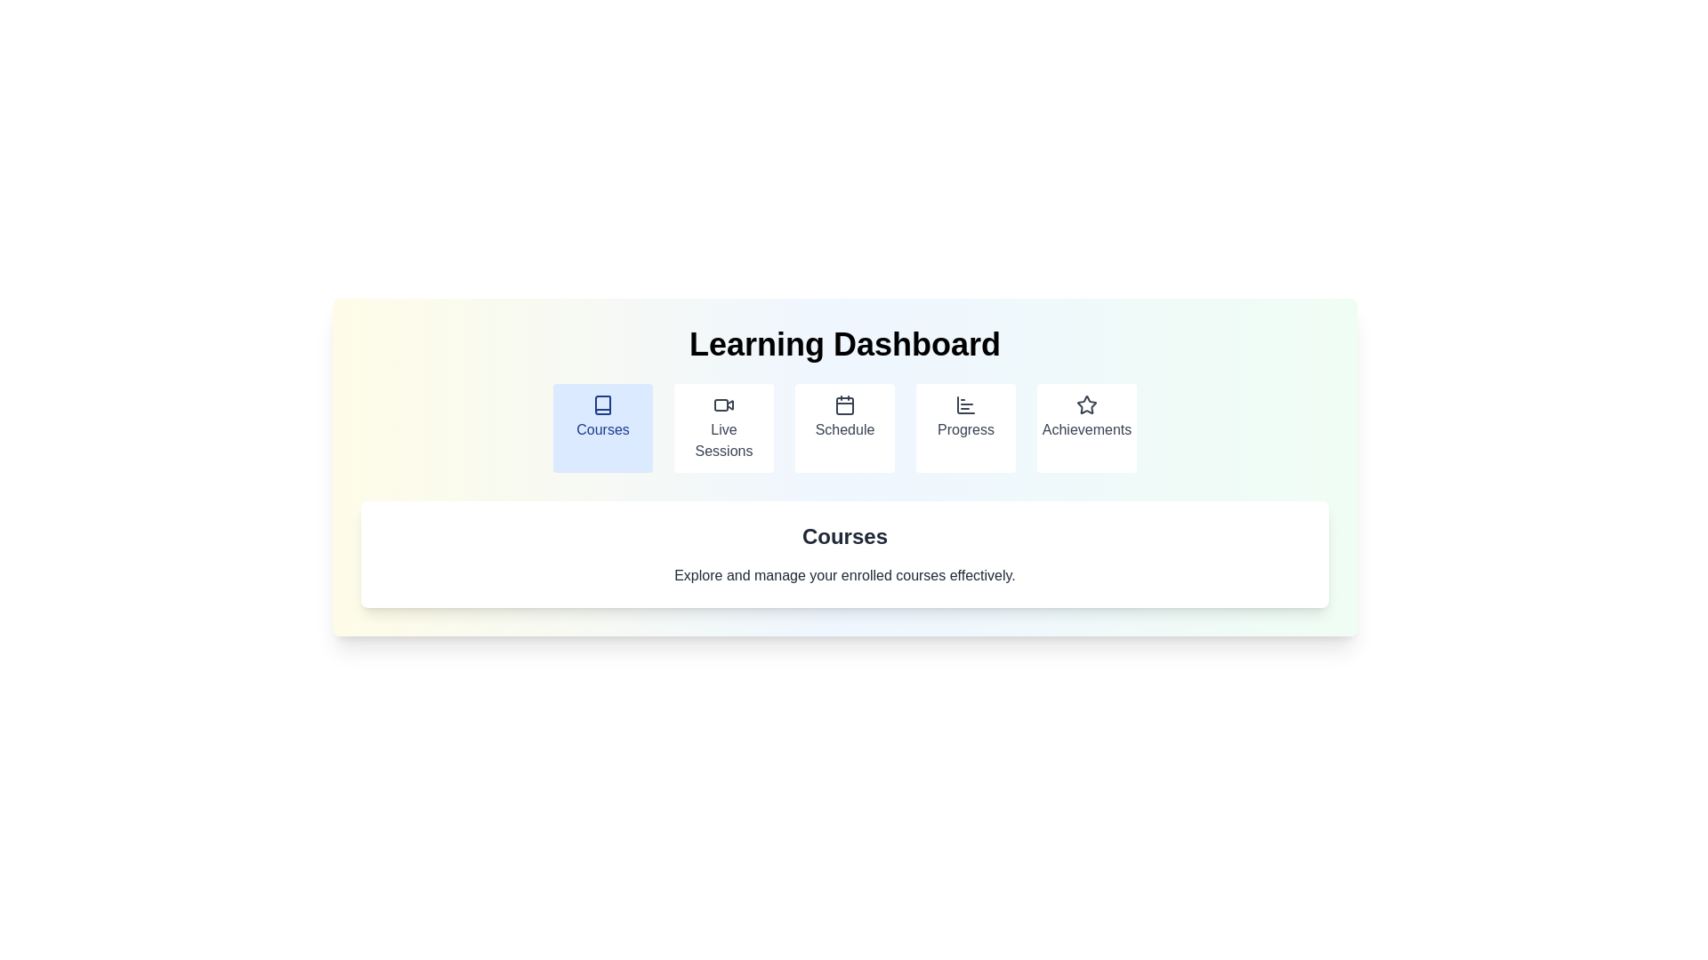 This screenshot has width=1708, height=960. I want to click on the leftmost navigational button in the row, so click(602, 428).